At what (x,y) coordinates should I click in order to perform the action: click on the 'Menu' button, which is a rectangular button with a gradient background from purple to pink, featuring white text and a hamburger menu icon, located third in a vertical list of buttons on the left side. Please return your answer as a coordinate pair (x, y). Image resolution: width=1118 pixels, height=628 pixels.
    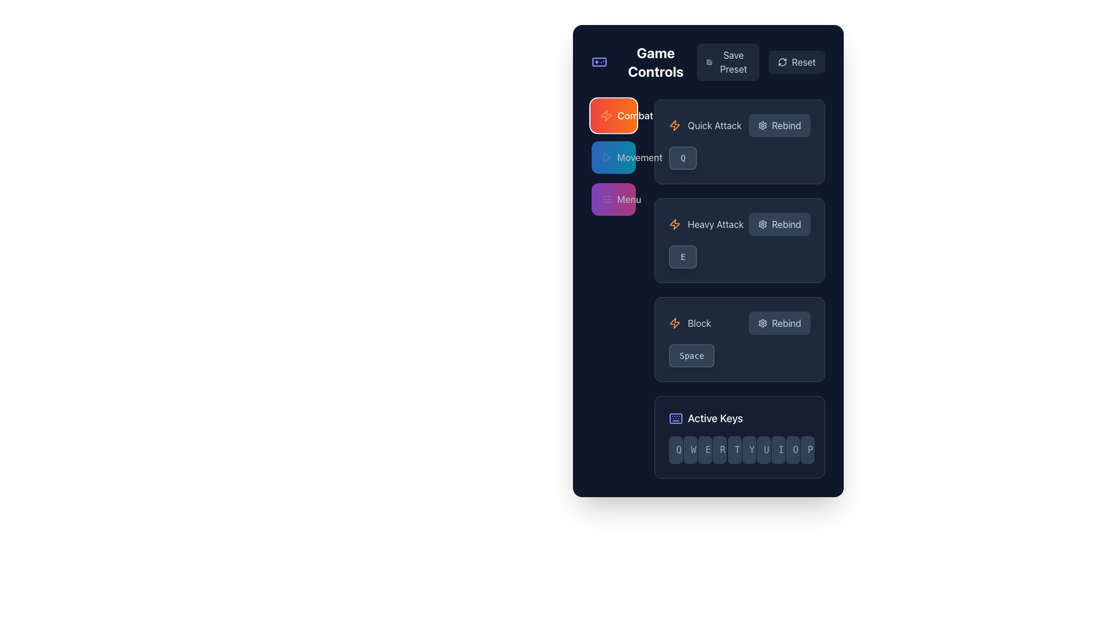
    Looking at the image, I should click on (613, 199).